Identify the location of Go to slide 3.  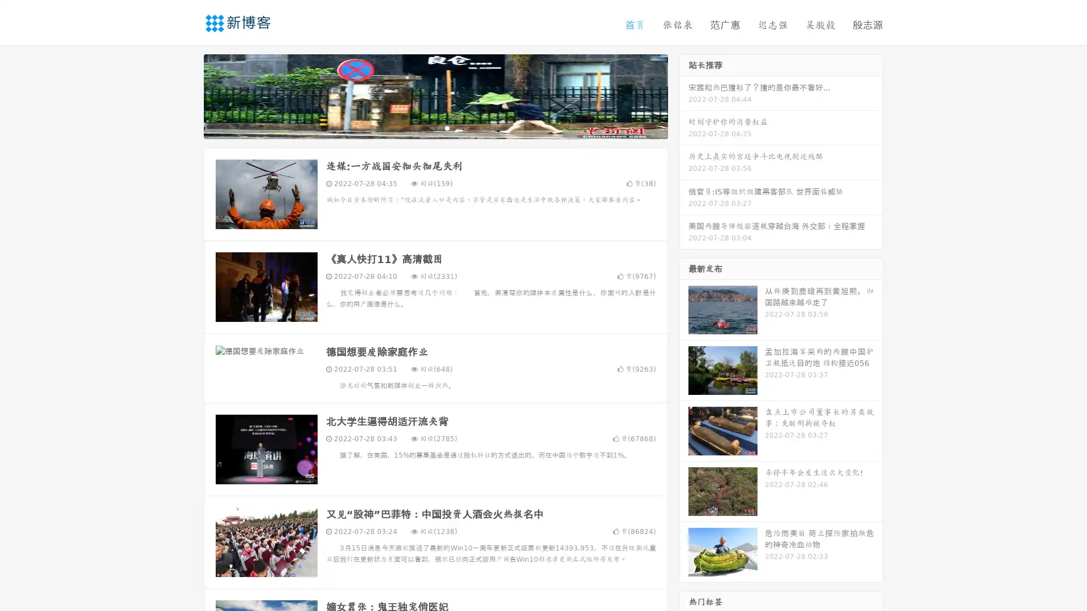
(447, 127).